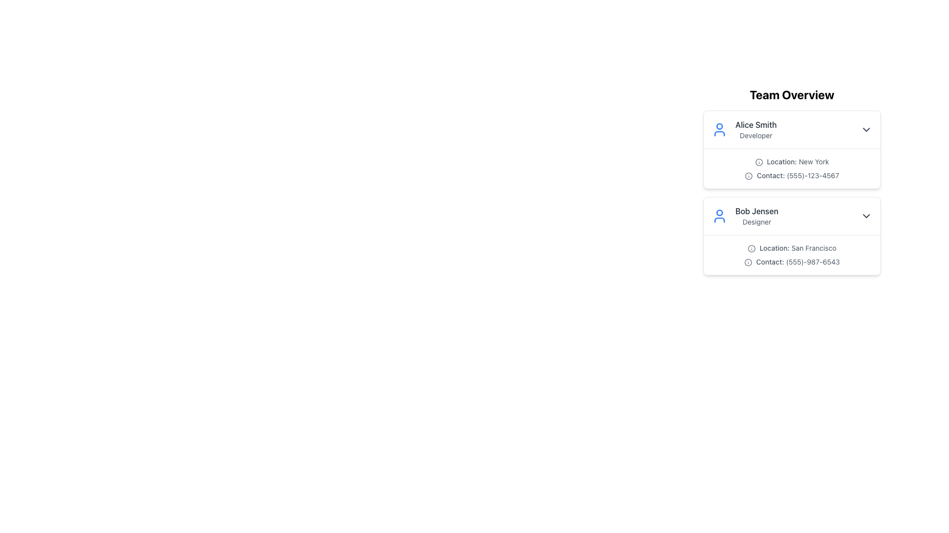 This screenshot has height=533, width=949. I want to click on gray circular icon located to the left of the text 'Location: New York' in the upper card for 'Alice Smith', so click(758, 162).